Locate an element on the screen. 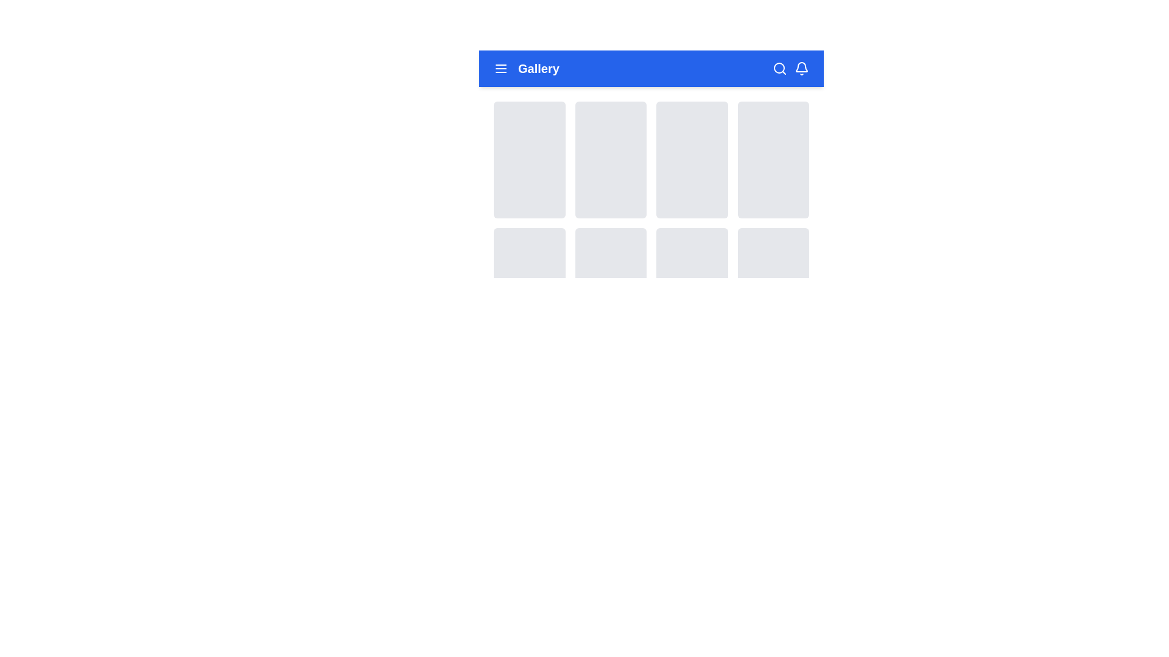  the first rectangular tile with a light-gray background and rounded corners is located at coordinates (529, 159).